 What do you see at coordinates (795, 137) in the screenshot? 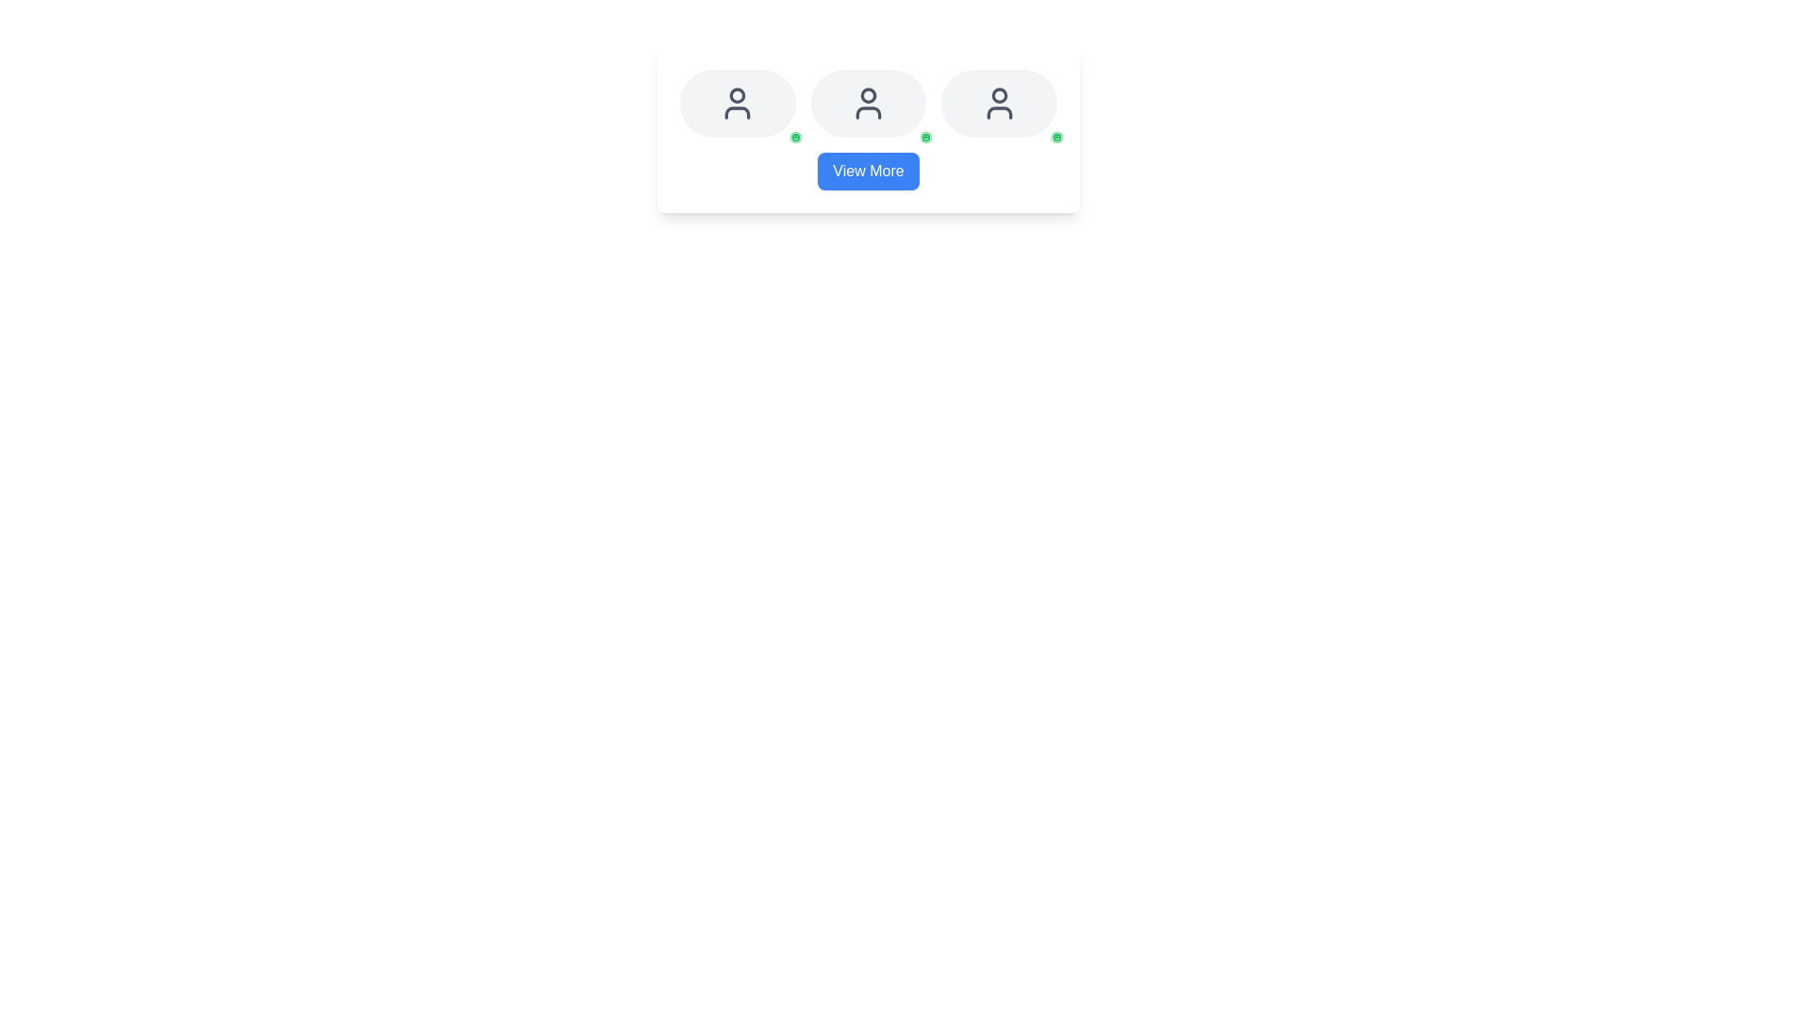
I see `circle element that forms the head or outline of the smiley face graphic within the SVG structure above the 'View More' button` at bounding box center [795, 137].